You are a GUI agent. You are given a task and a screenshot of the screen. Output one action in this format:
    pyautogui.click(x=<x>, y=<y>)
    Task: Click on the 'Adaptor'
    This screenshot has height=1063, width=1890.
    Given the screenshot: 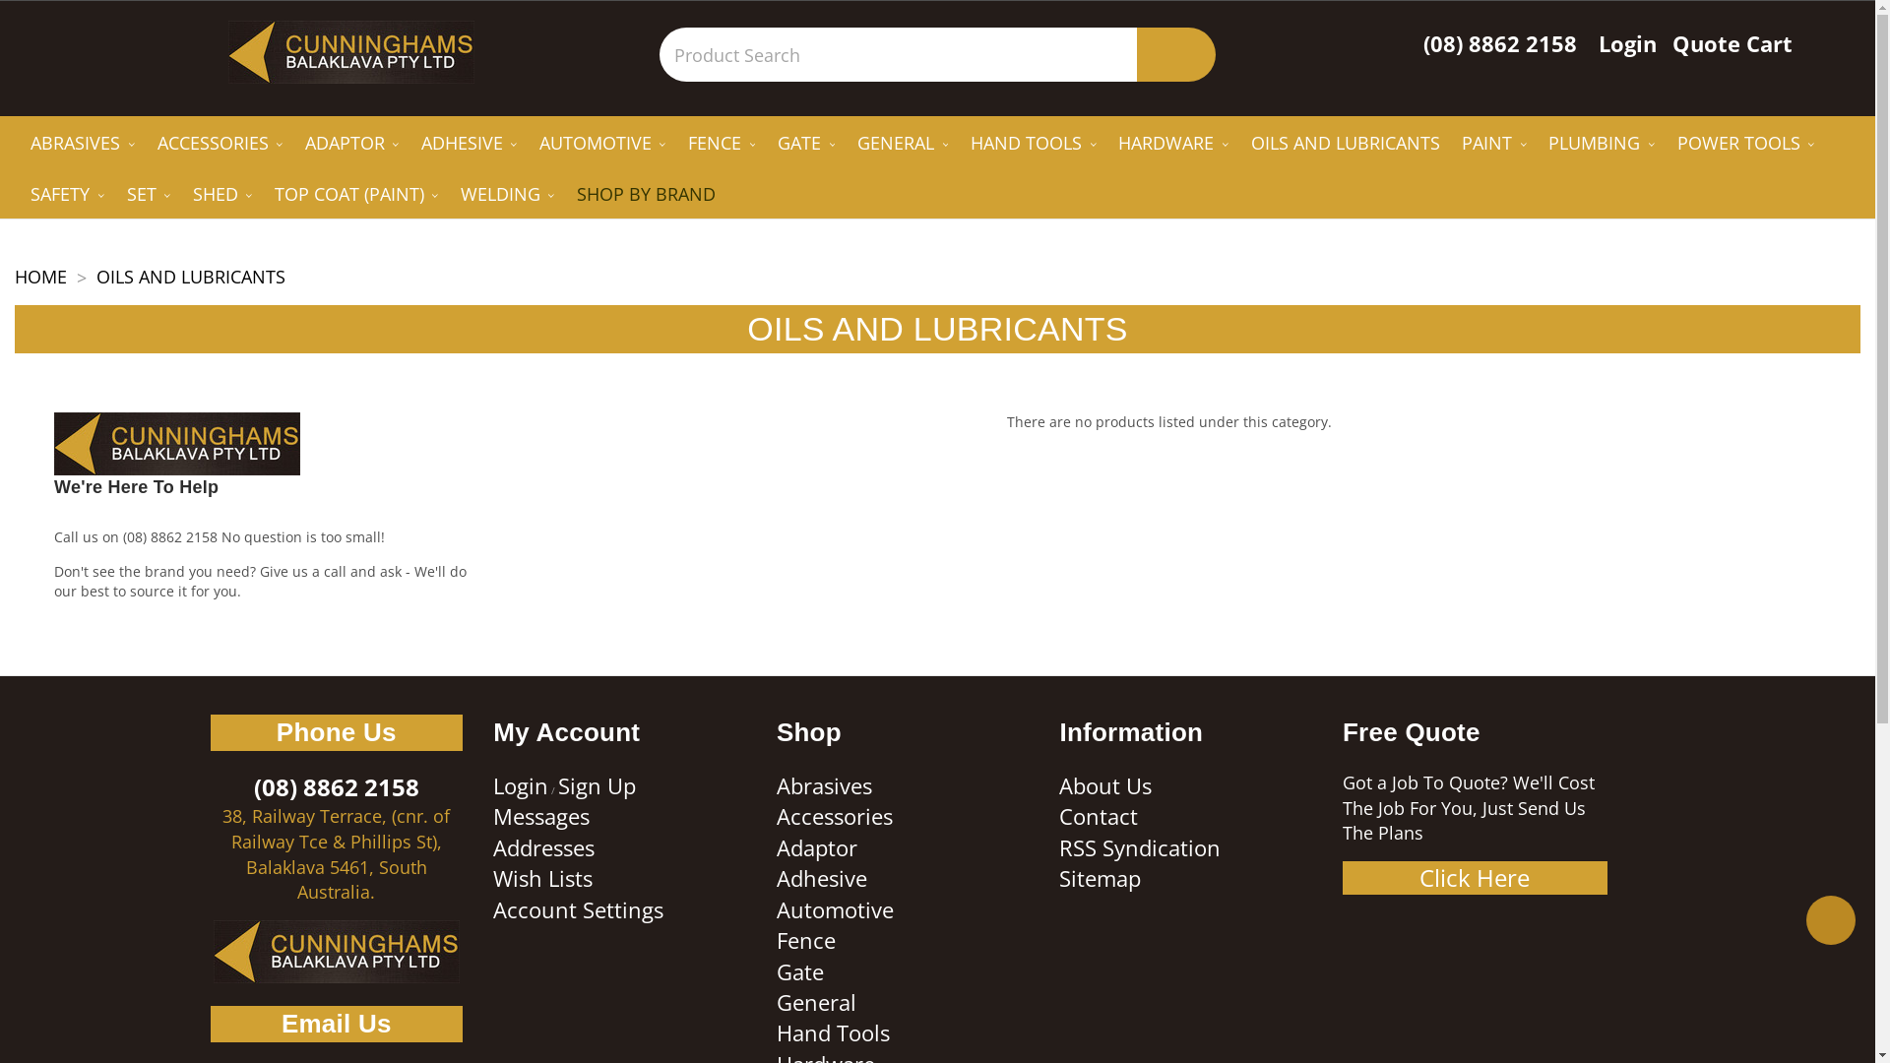 What is the action you would take?
    pyautogui.click(x=817, y=845)
    